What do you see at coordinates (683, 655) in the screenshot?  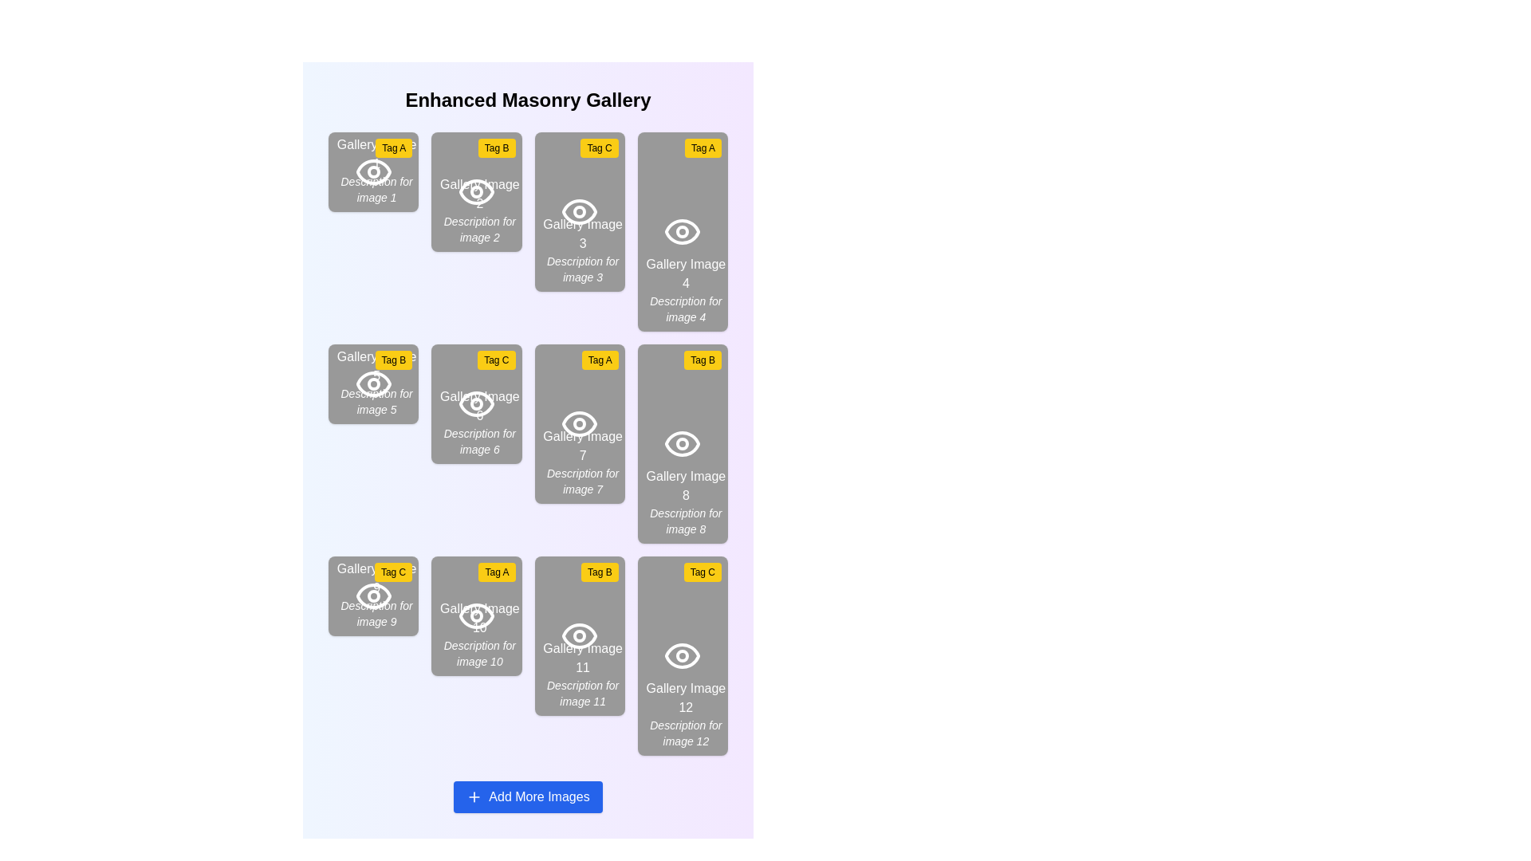 I see `text within the Gallery item card labeled 'Gallery Image 12' and 'Description for image 12', which is the twelfth card in the grid layout` at bounding box center [683, 655].